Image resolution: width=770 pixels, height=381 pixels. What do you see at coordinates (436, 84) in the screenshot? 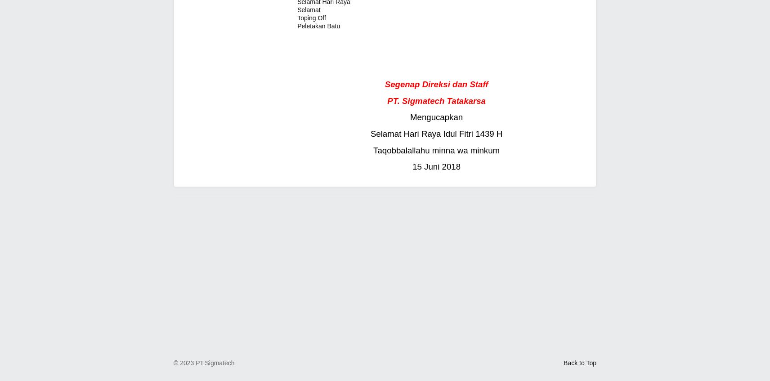
I see `'Segenap Direksi dan Staff'` at bounding box center [436, 84].